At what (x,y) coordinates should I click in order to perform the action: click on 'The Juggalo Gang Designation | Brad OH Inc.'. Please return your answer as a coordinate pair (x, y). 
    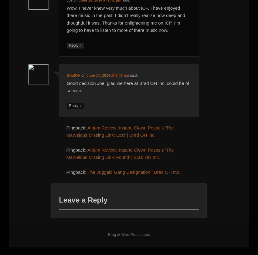
    Looking at the image, I should click on (133, 172).